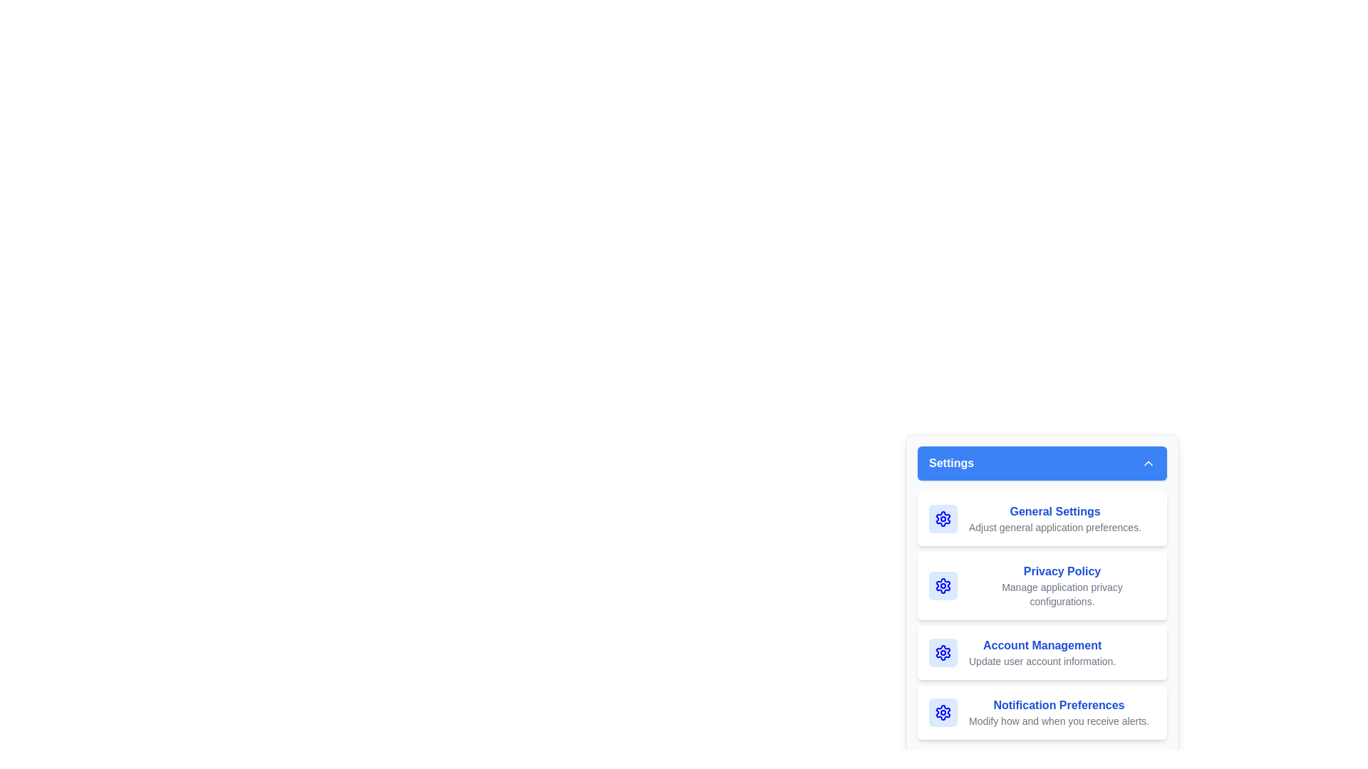  I want to click on the menu item Privacy Policy from the dropdown, so click(1042, 585).